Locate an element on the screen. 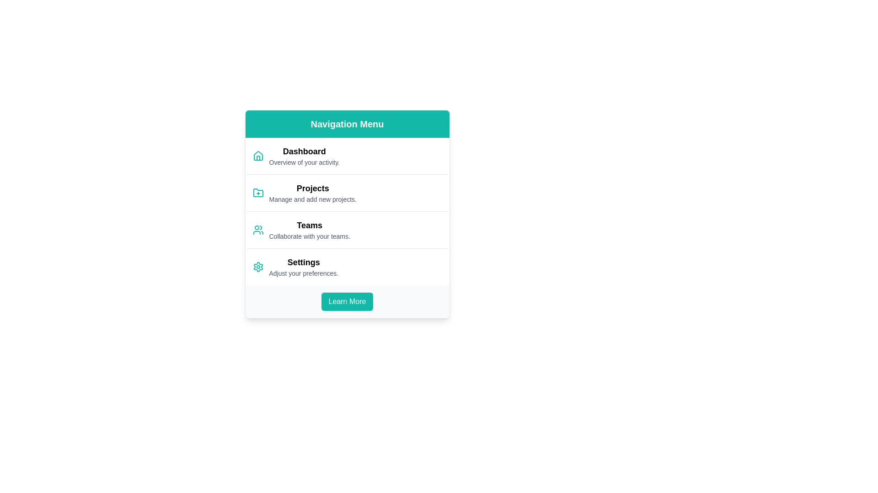 Image resolution: width=878 pixels, height=493 pixels. the descriptive text label that provides instructions related to the 'Settings' option in the vertical navigation menu is located at coordinates (304, 273).